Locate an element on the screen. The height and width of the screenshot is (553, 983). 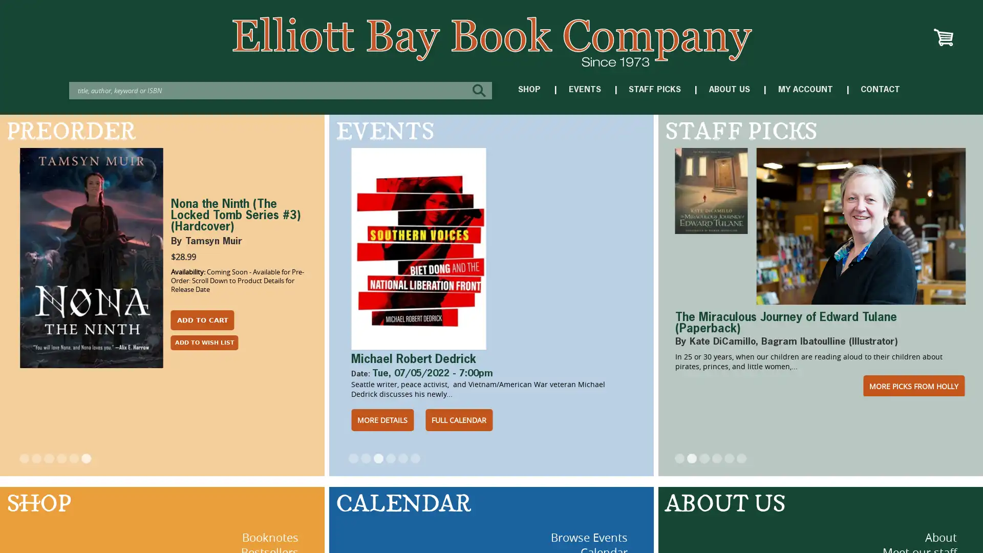
Search is located at coordinates (481, 90).